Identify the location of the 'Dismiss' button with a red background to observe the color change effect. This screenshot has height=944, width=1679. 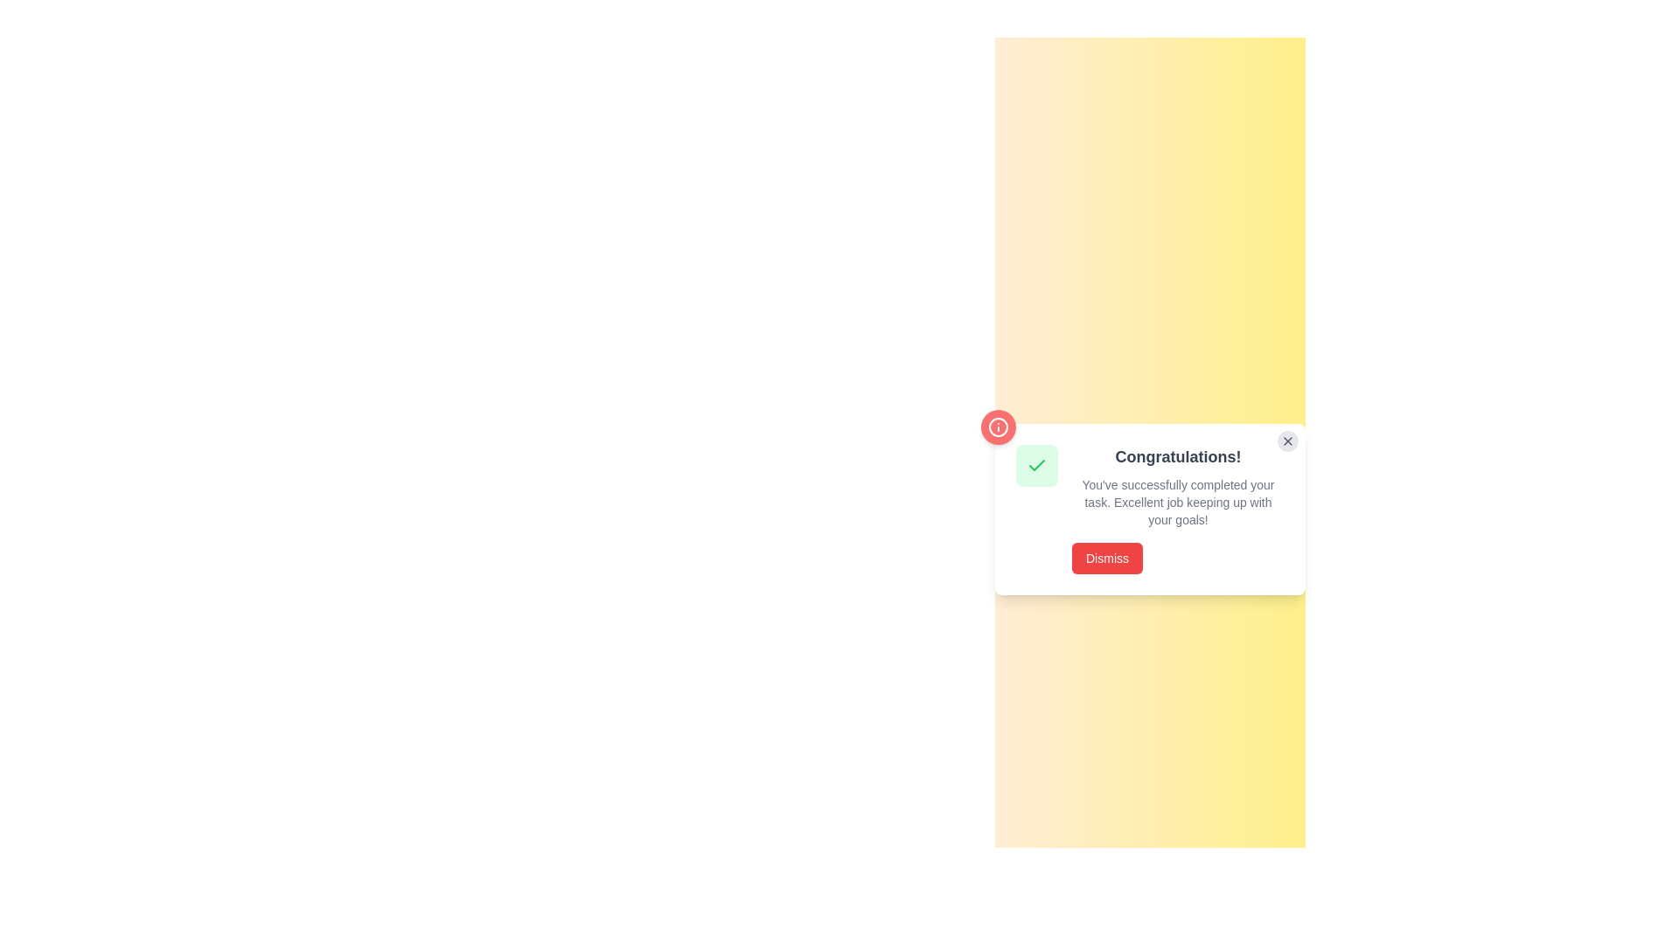
(1106, 559).